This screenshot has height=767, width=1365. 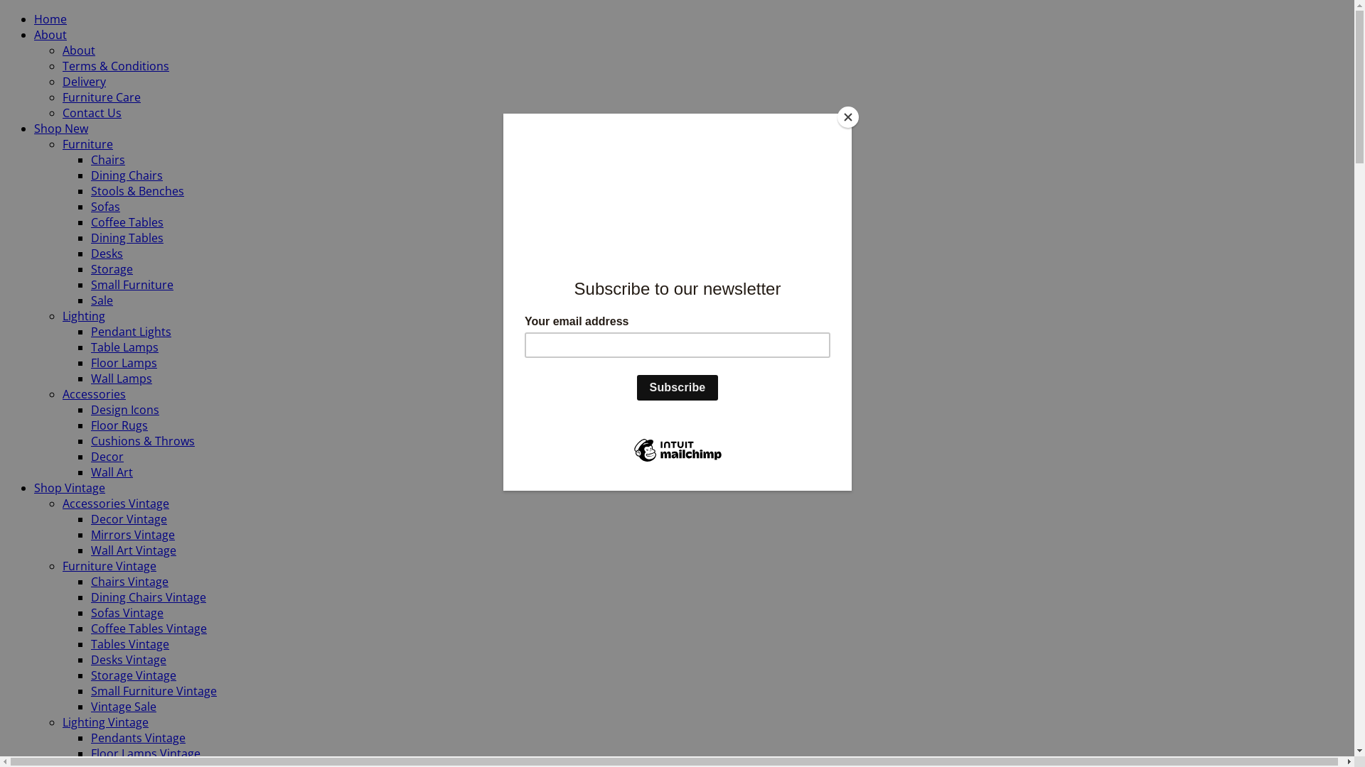 I want to click on 'Terms & Conditions', so click(x=116, y=65).